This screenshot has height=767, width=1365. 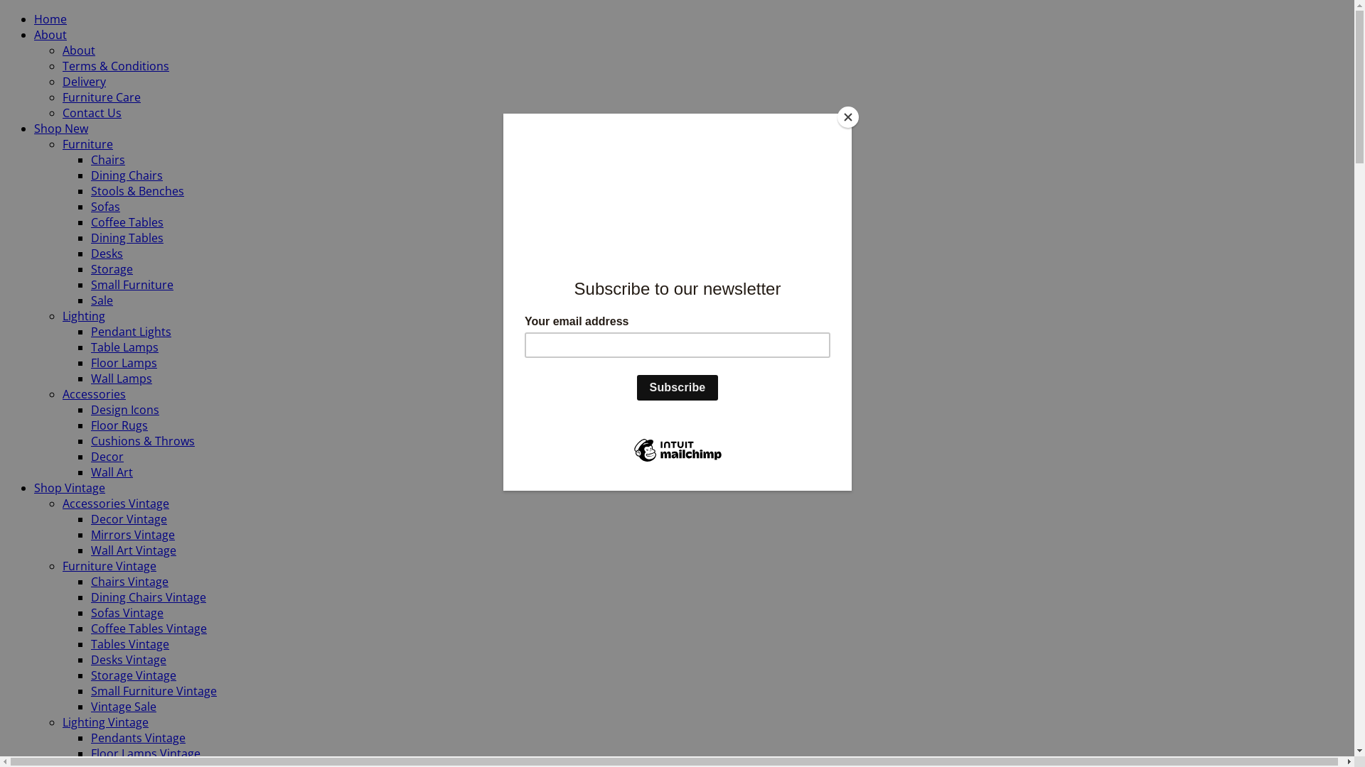 I want to click on 'Terms & Conditions', so click(x=116, y=65).